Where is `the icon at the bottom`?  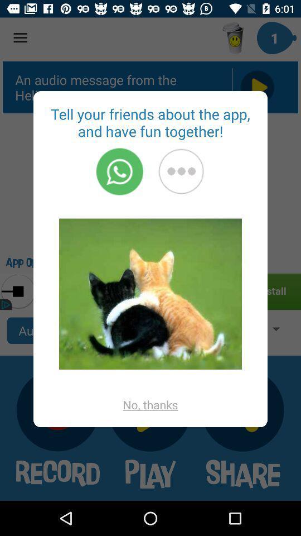 the icon at the bottom is located at coordinates (151, 404).